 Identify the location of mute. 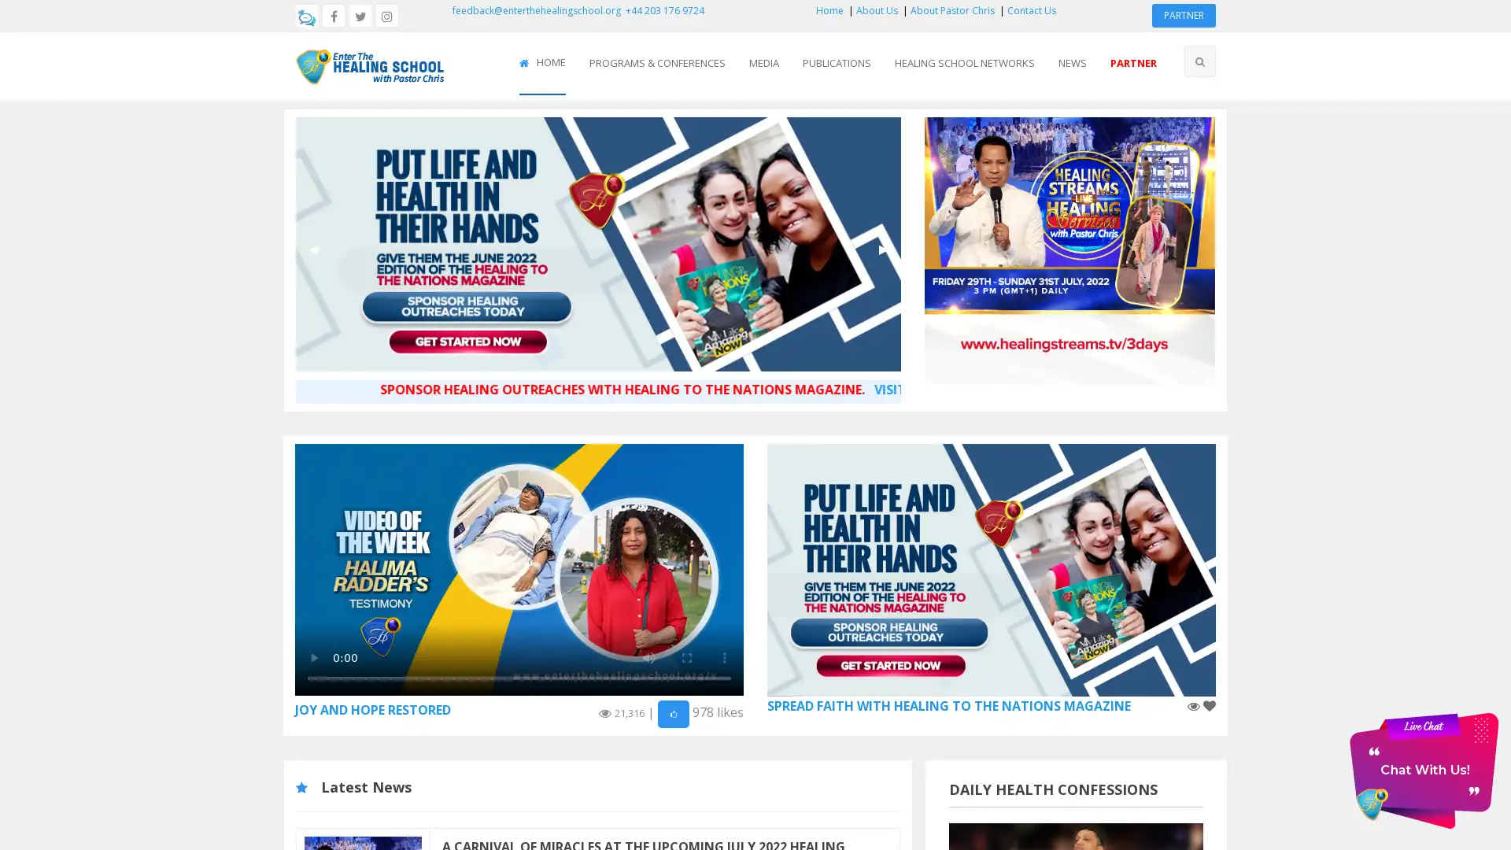
(649, 658).